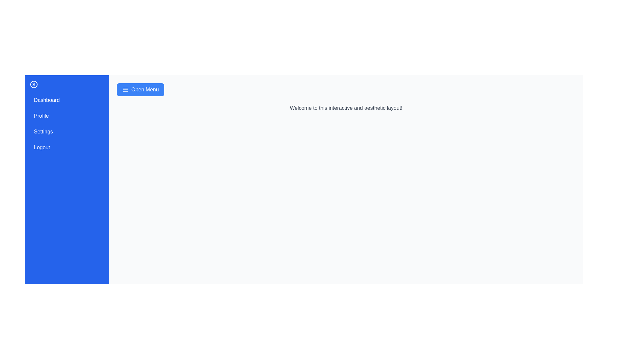  What do you see at coordinates (66, 147) in the screenshot?
I see `the menu item Logout to observe the hover effect` at bounding box center [66, 147].